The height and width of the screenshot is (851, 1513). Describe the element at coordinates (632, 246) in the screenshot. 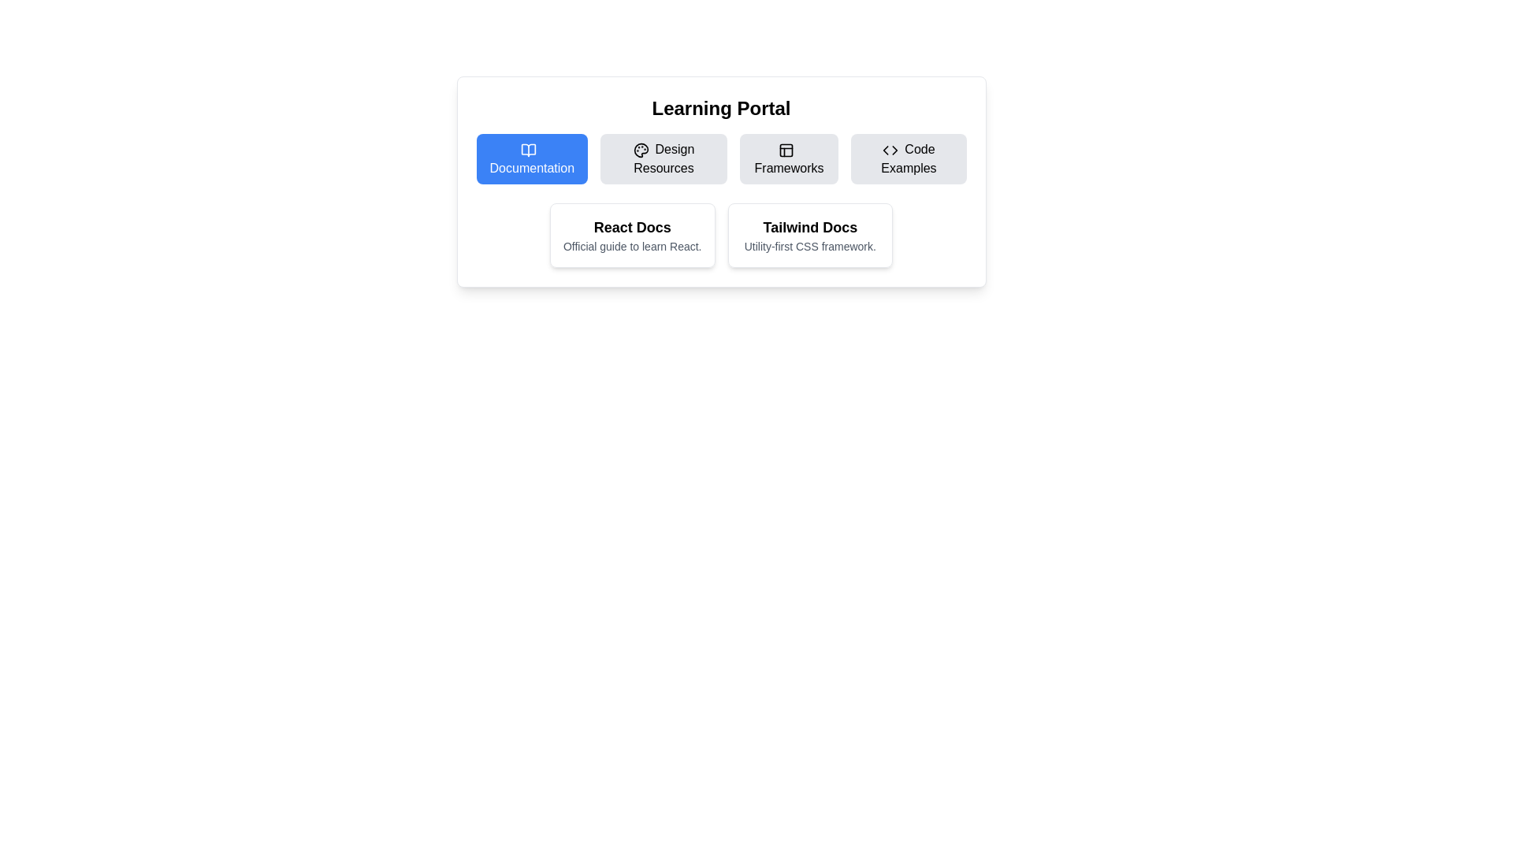

I see `the static text label that provides supplementary descriptive text under the 'React Docs' title` at that location.